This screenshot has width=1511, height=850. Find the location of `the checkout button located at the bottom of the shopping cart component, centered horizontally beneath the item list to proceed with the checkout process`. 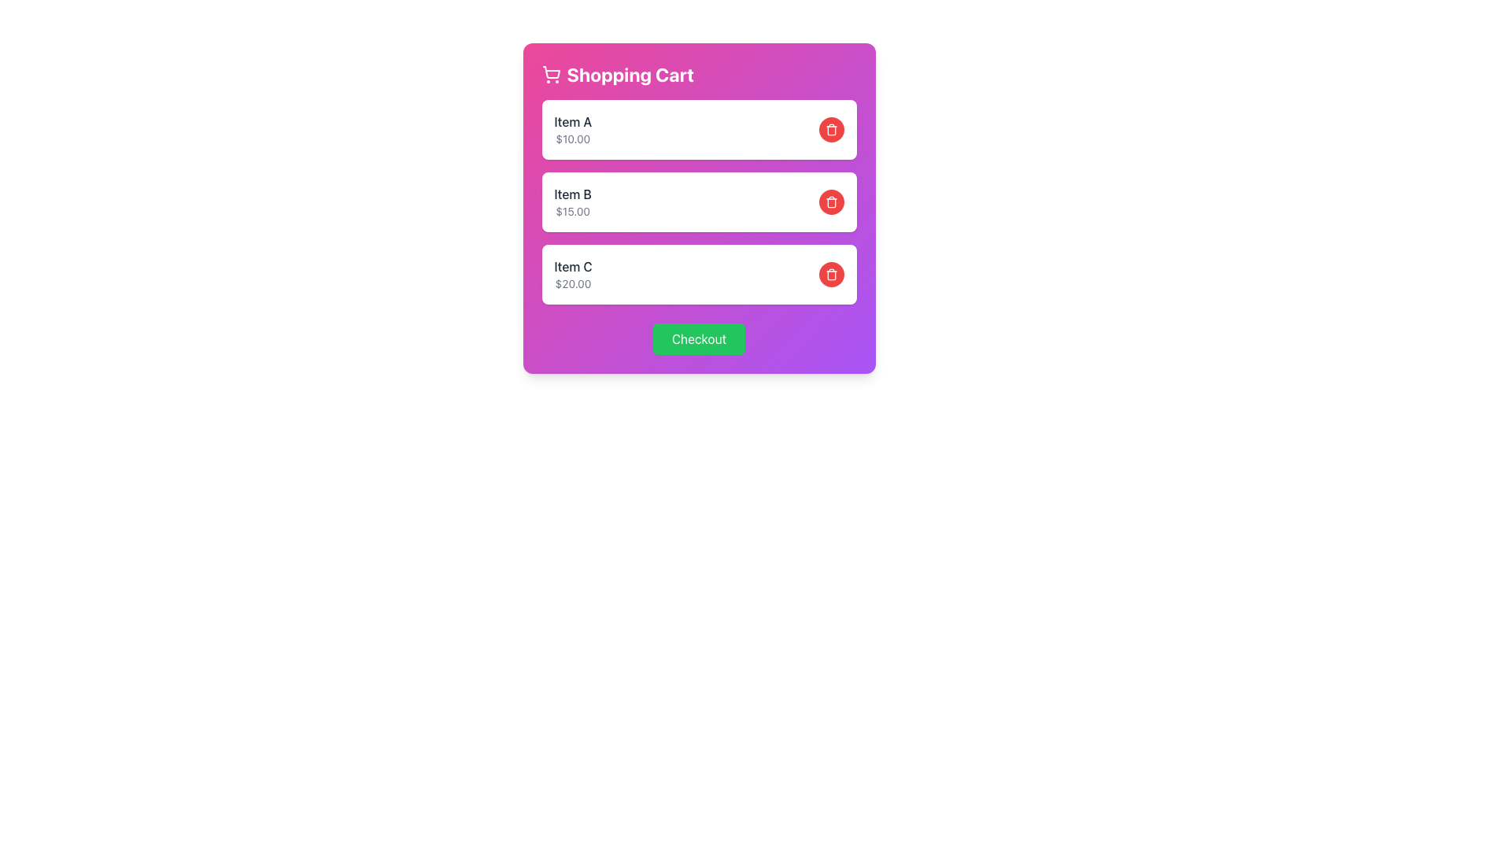

the checkout button located at the bottom of the shopping cart component, centered horizontally beneath the item list to proceed with the checkout process is located at coordinates (698, 338).